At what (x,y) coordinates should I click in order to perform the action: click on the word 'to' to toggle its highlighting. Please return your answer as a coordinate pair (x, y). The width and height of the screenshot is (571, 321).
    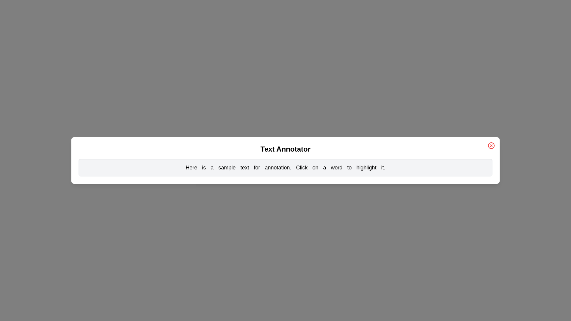
    Looking at the image, I should click on (349, 167).